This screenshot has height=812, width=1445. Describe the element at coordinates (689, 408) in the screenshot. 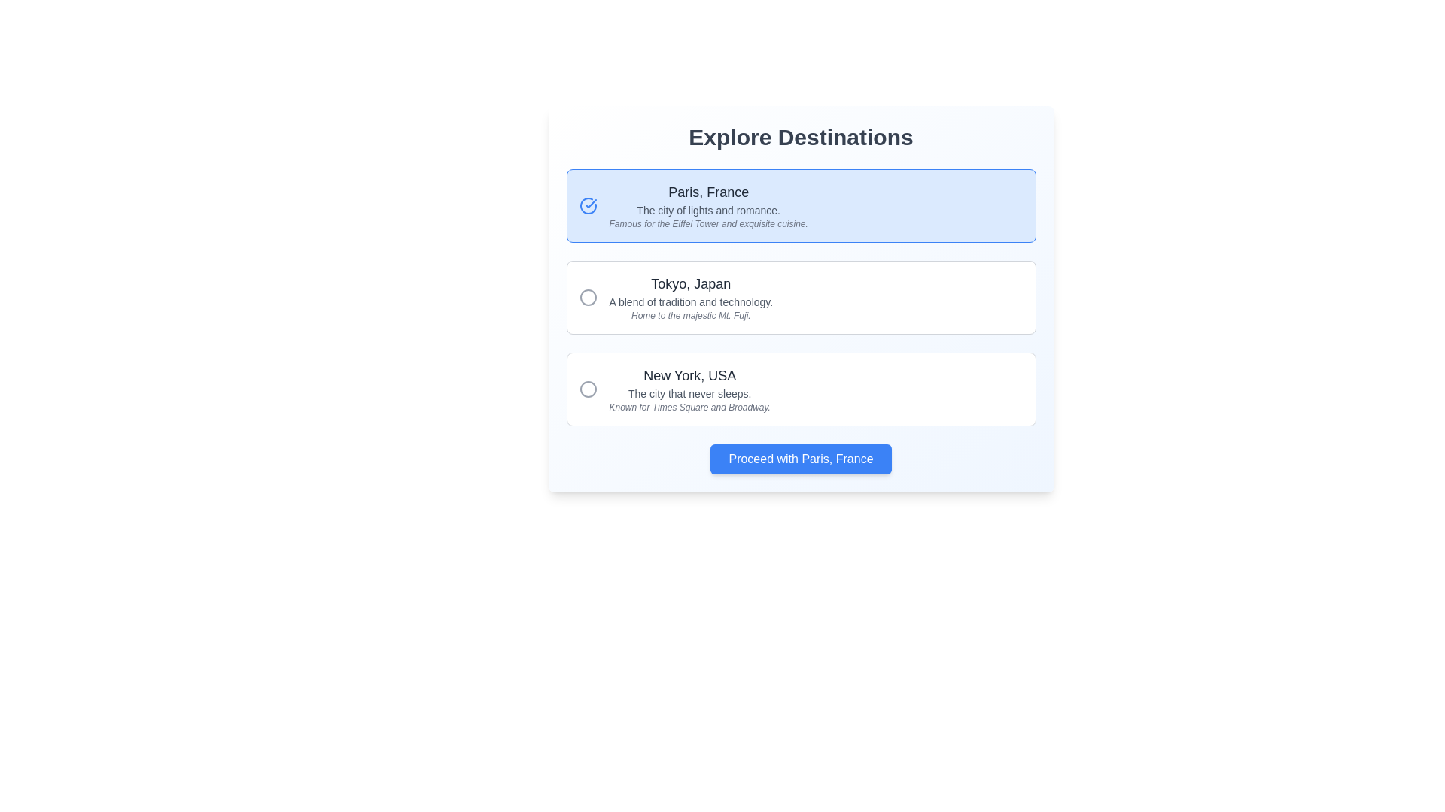

I see `the static text label that reads 'Known for Times Square and Broadway.' located below the other text elements about New York, USA` at that location.